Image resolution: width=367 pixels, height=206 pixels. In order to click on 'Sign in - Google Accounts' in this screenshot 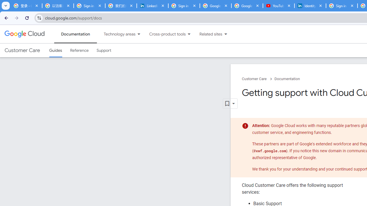, I will do `click(184, 6)`.